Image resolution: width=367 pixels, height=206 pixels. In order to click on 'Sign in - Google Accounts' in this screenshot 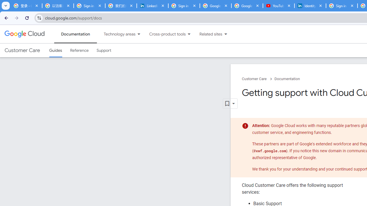, I will do `click(184, 6)`.